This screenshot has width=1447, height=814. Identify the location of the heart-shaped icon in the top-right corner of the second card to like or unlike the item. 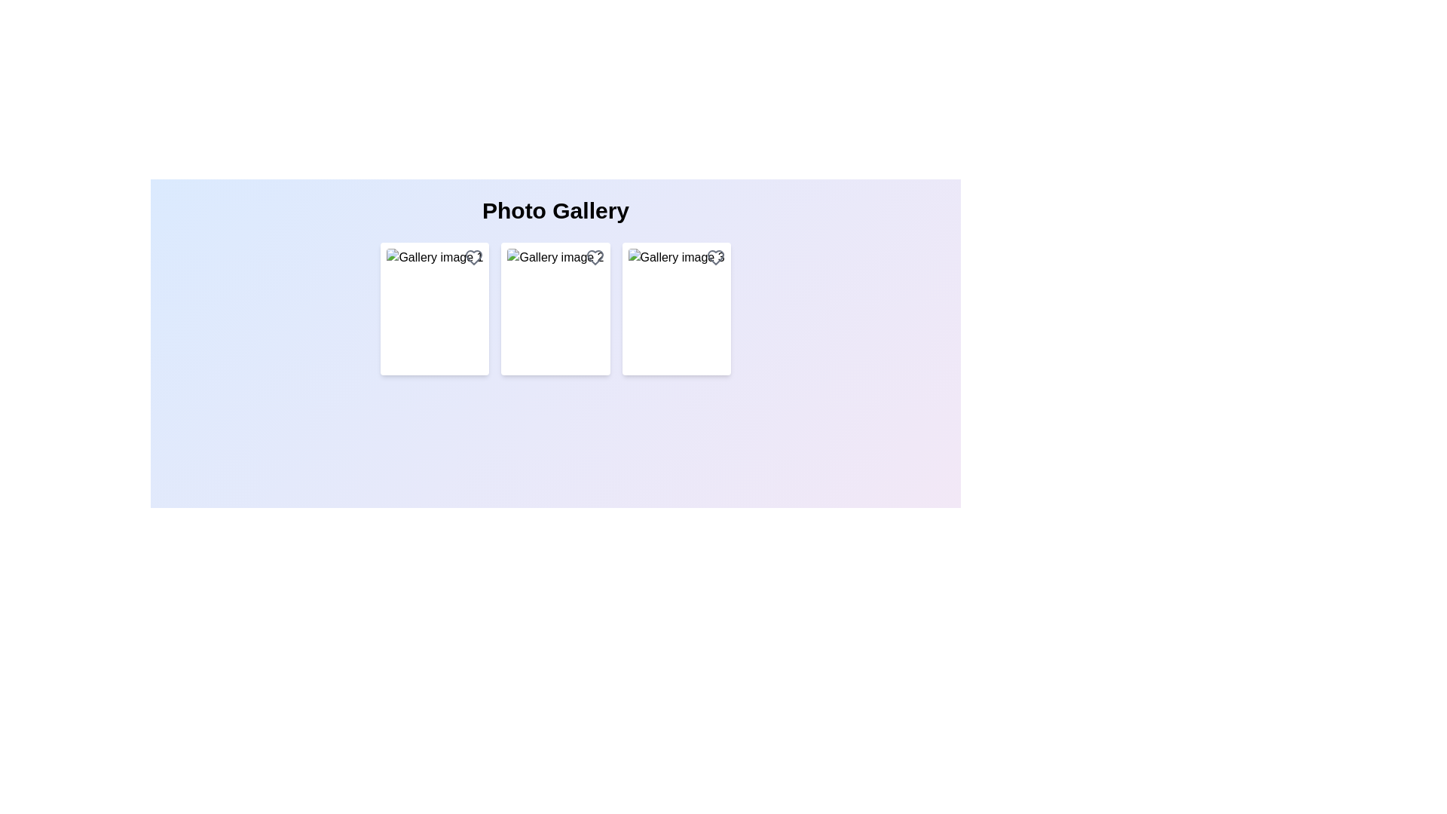
(594, 257).